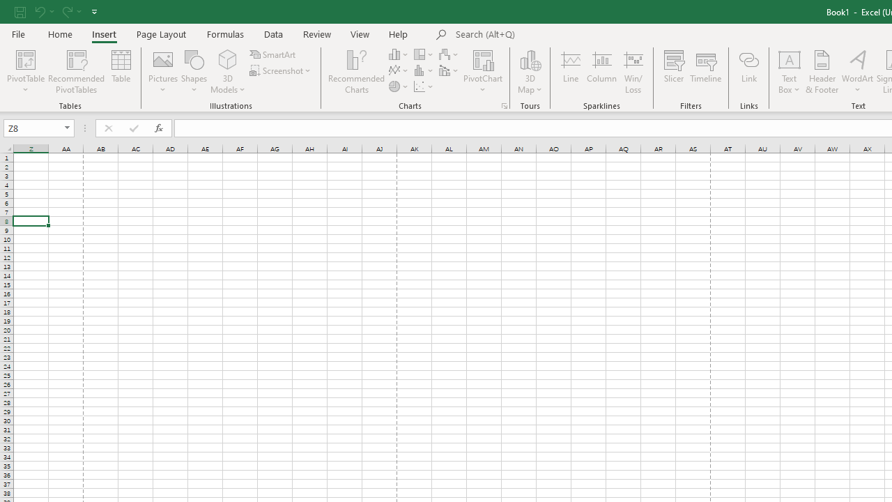 This screenshot has width=892, height=502. What do you see at coordinates (790, 72) in the screenshot?
I see `'Text Box'` at bounding box center [790, 72].